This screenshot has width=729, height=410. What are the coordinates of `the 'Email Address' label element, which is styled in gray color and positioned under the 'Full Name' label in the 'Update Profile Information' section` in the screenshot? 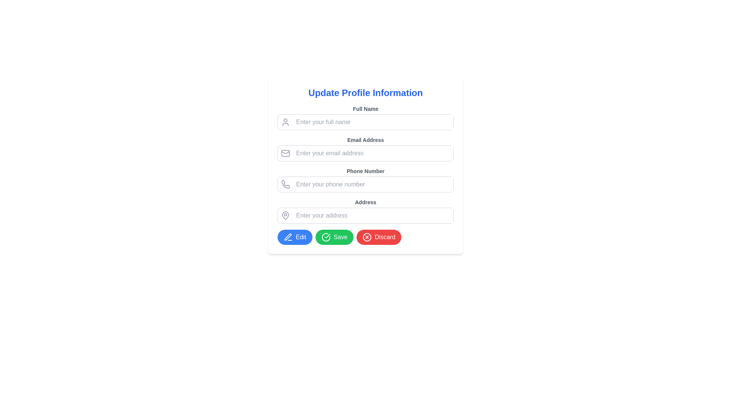 It's located at (366, 140).